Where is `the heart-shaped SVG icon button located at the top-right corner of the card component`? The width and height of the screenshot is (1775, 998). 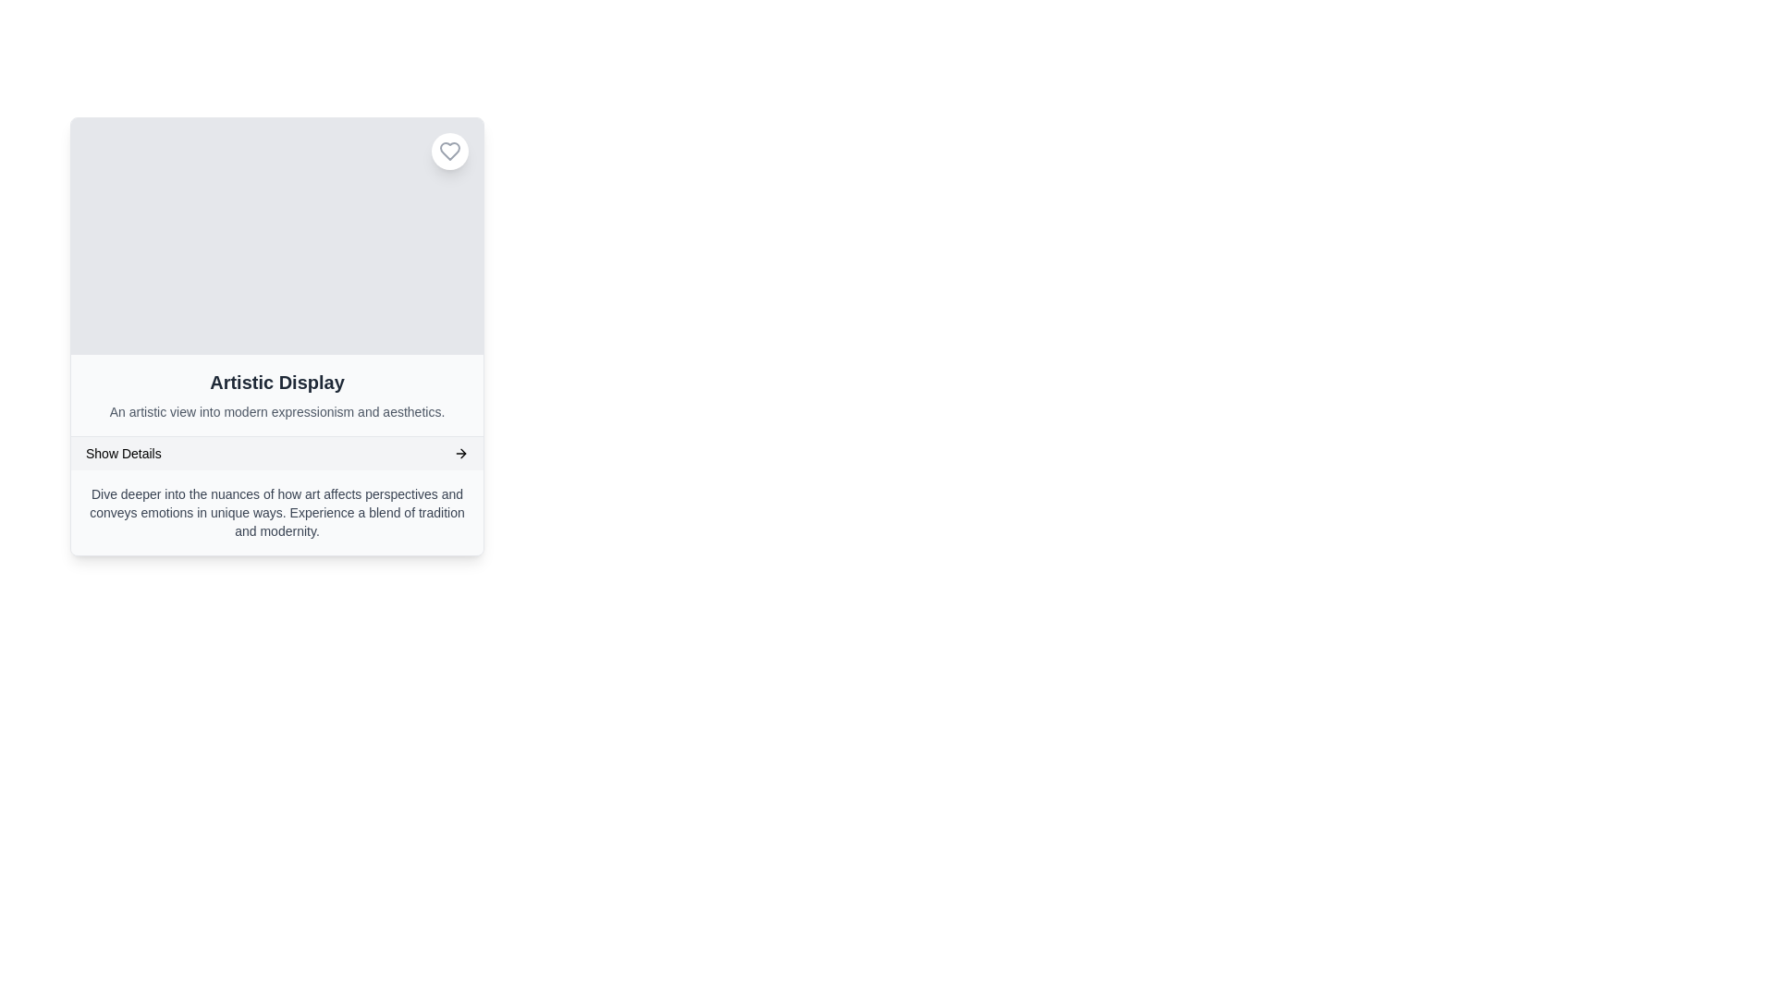
the heart-shaped SVG icon button located at the top-right corner of the card component is located at coordinates (449, 151).